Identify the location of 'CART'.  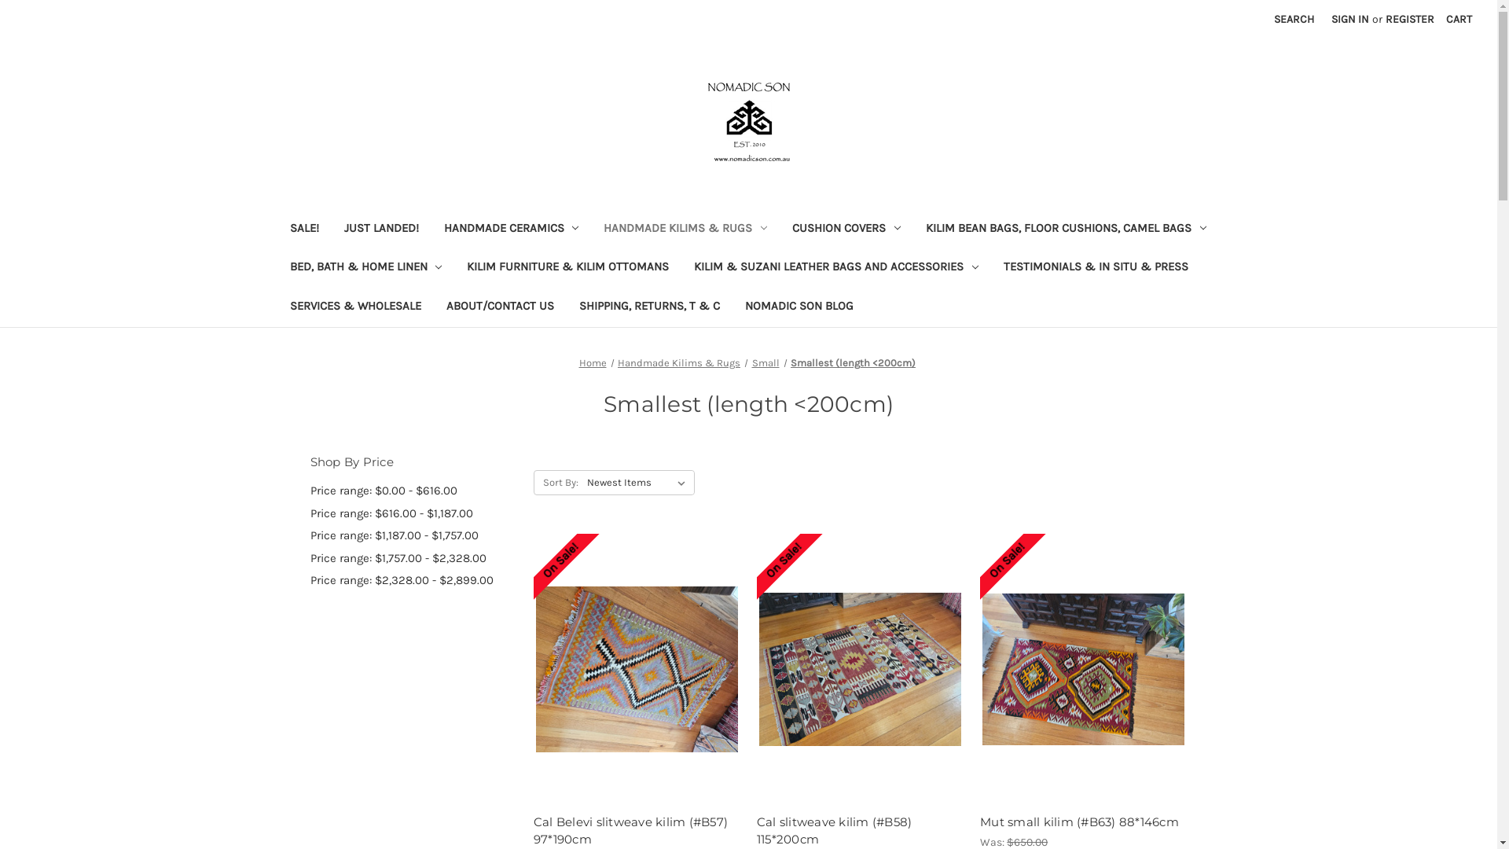
(1437, 19).